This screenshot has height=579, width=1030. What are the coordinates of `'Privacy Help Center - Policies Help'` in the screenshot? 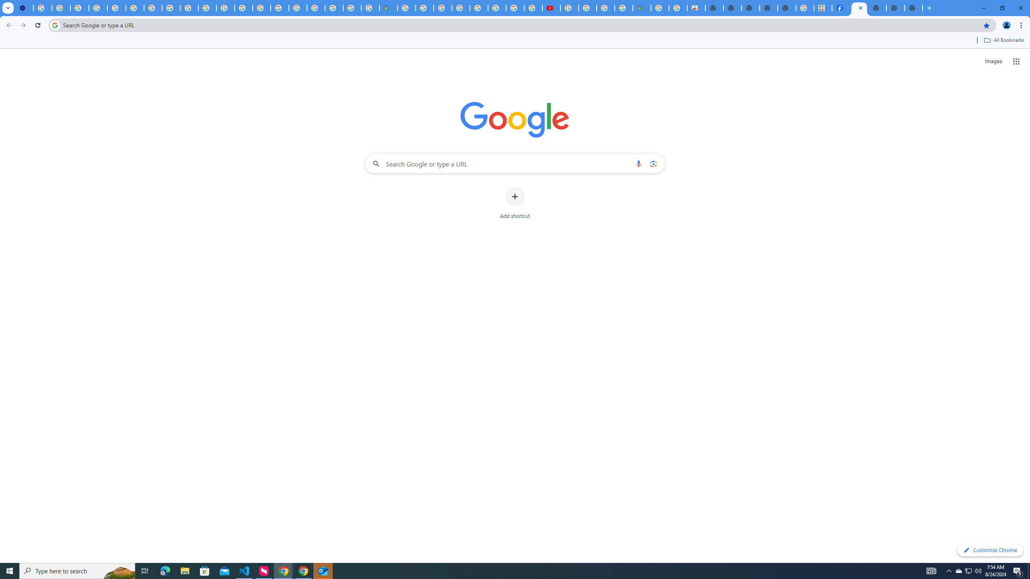 It's located at (116, 8).